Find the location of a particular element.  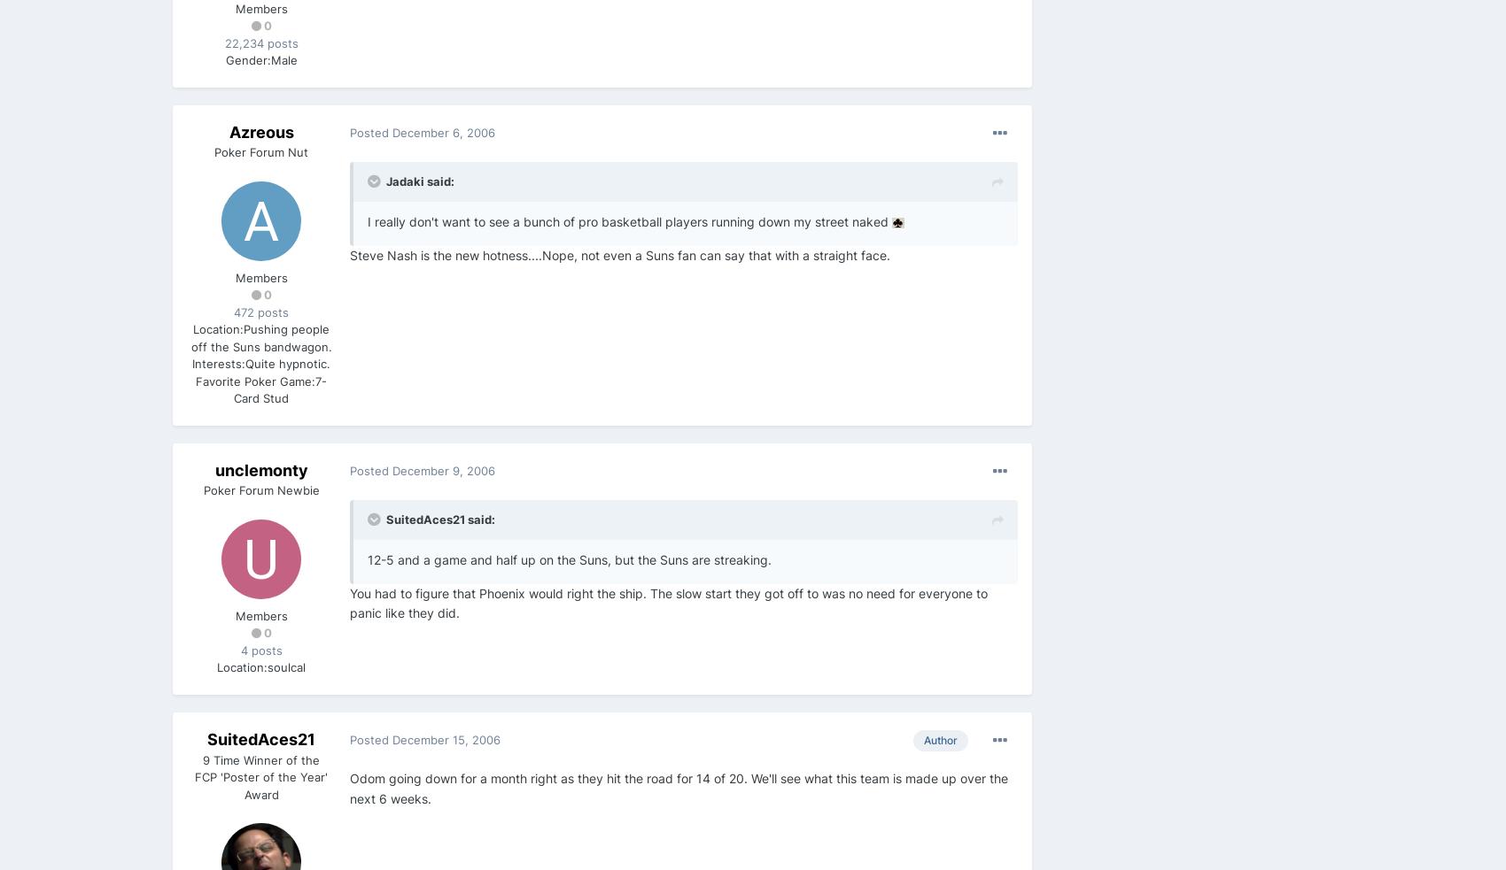

'12-5 and a game and half up on the Suns, but the Suns are streaking.' is located at coordinates (569, 558).